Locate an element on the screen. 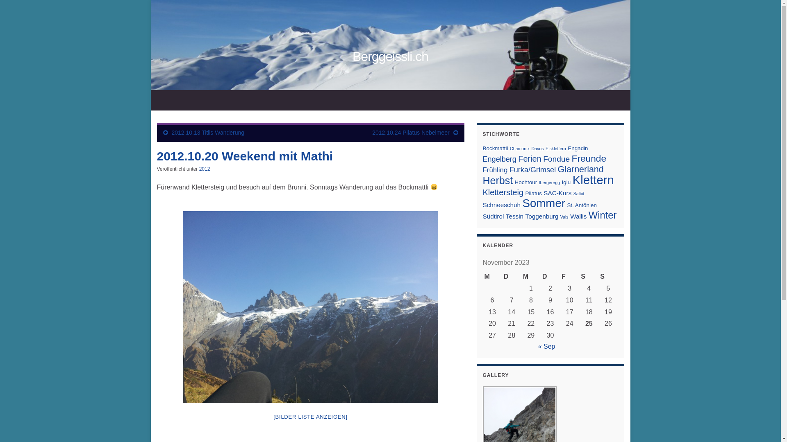  'Sommer' is located at coordinates (522, 203).